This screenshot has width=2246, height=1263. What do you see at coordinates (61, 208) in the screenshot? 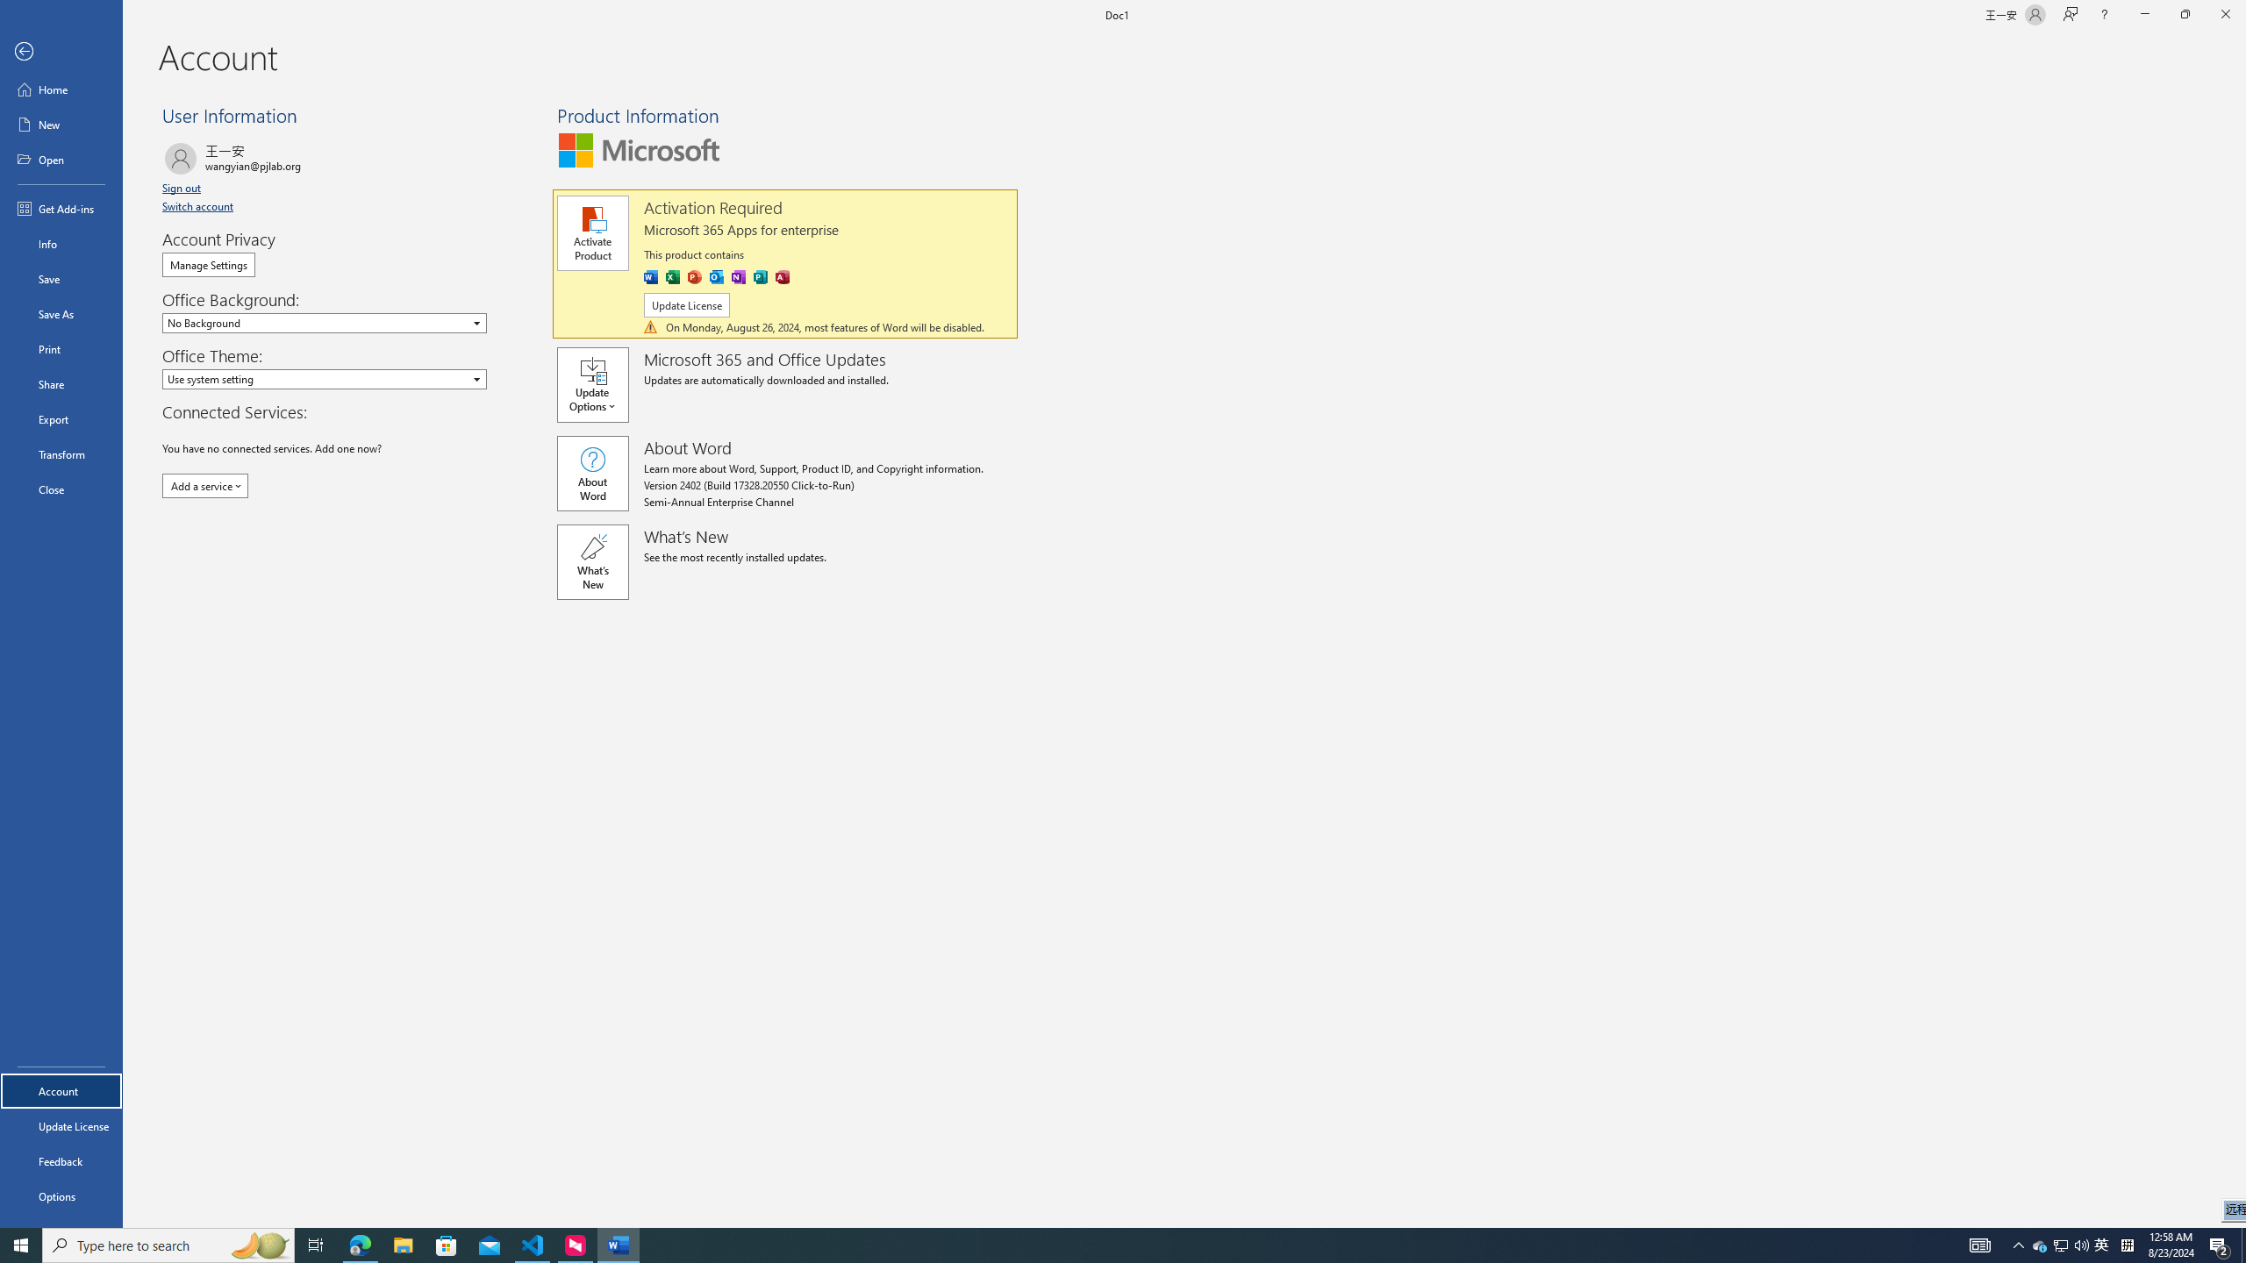
I see `'Get Add-ins'` at bounding box center [61, 208].